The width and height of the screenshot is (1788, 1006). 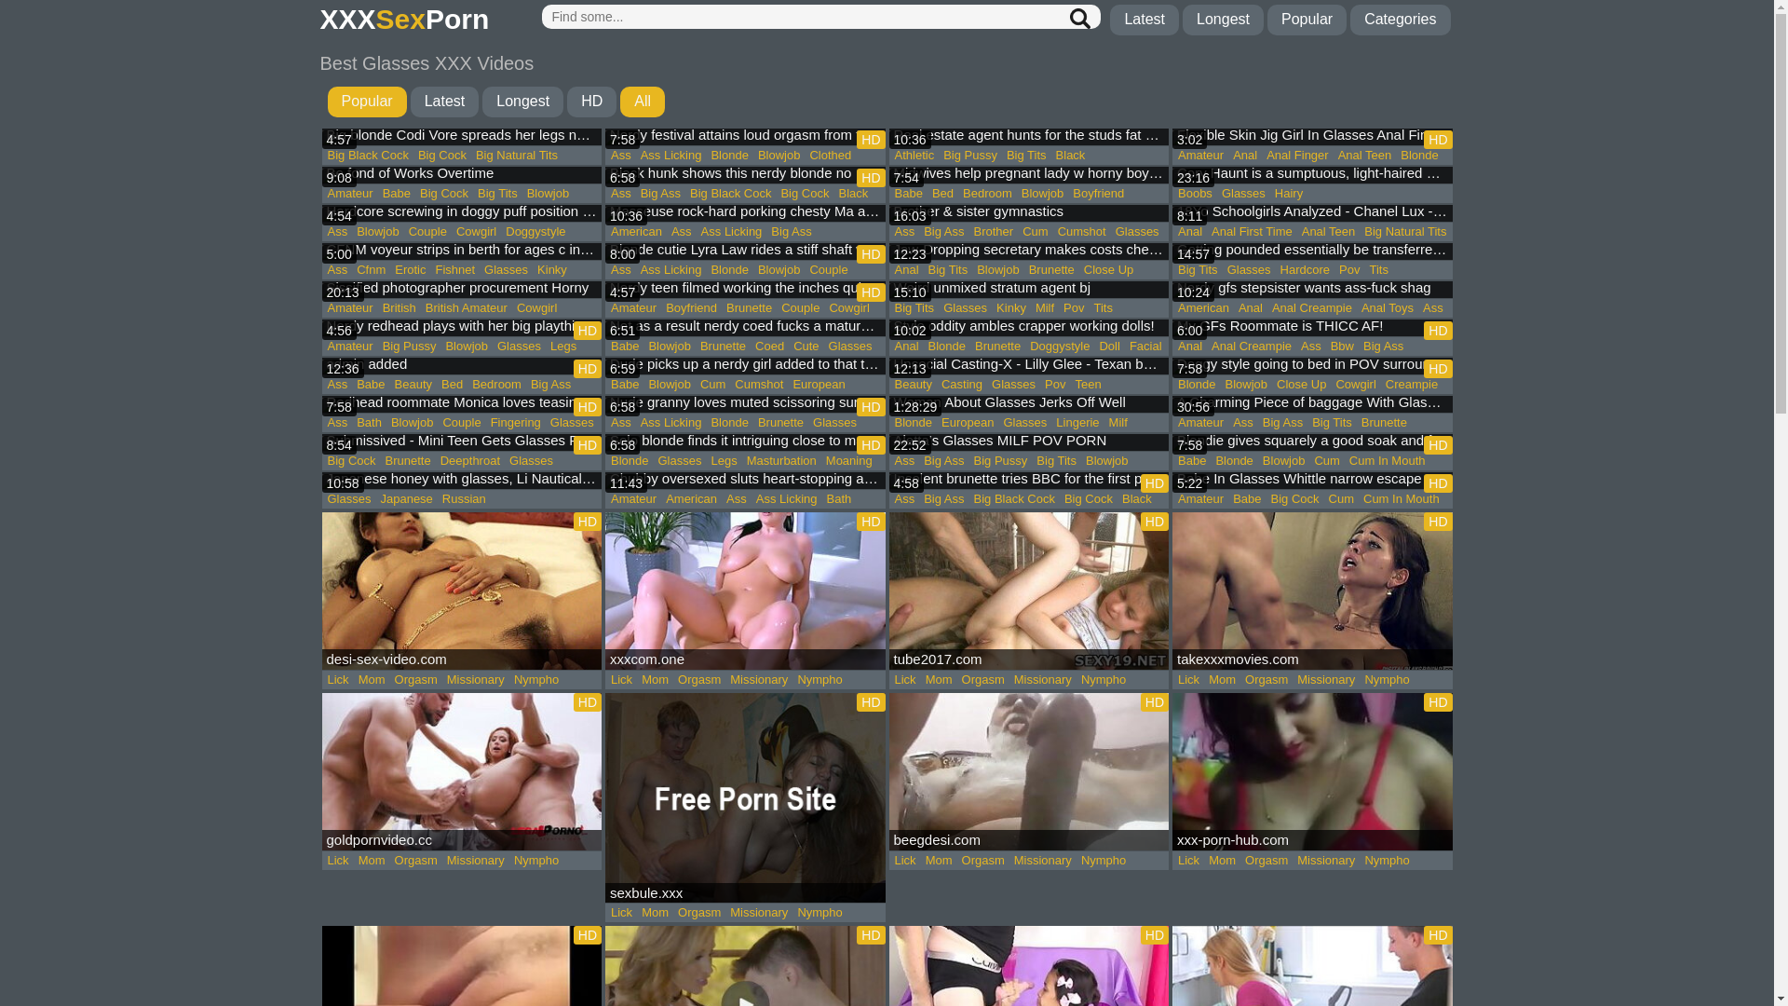 What do you see at coordinates (806, 346) in the screenshot?
I see `'Cute'` at bounding box center [806, 346].